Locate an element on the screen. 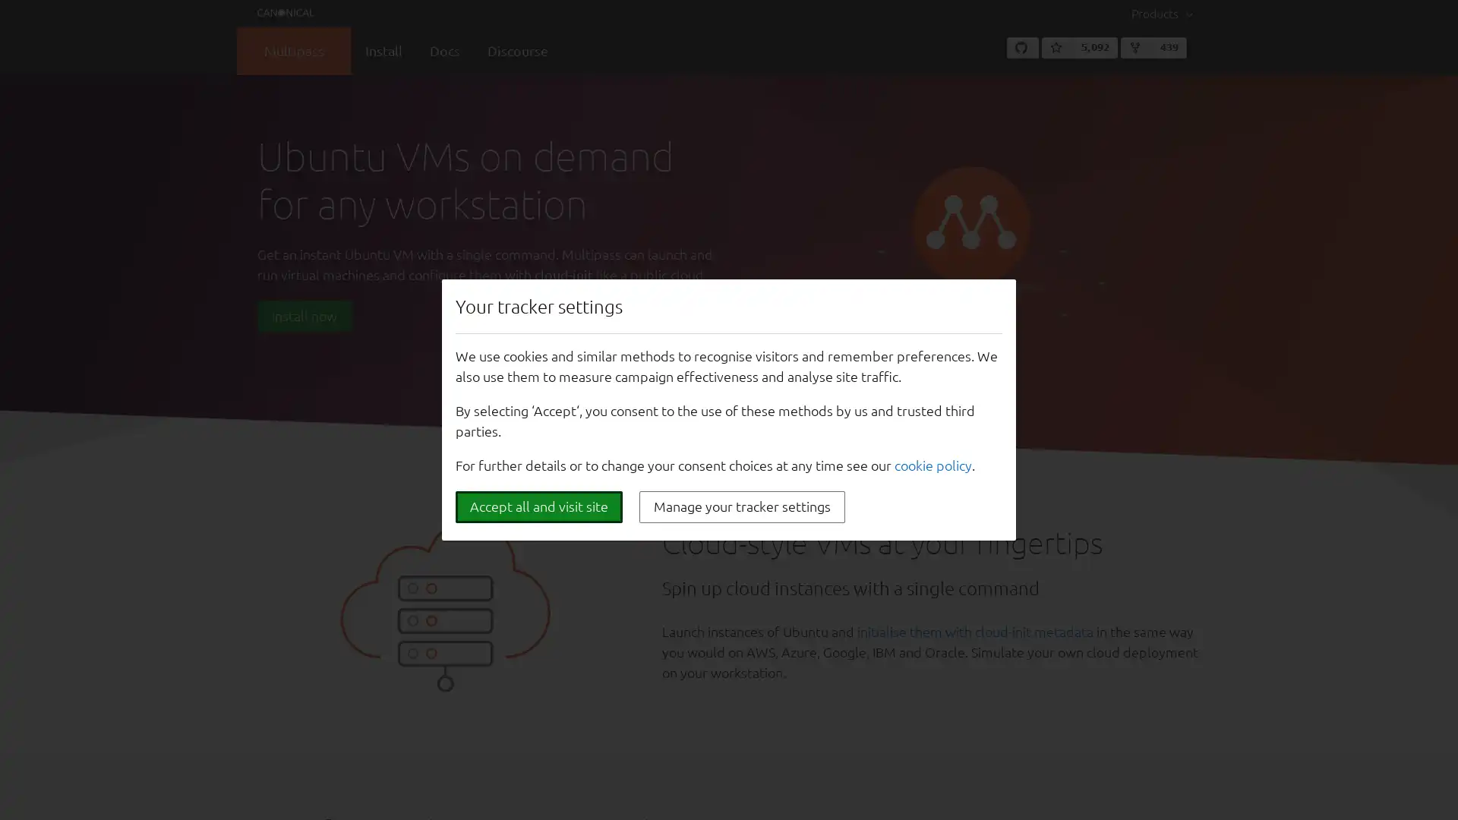  Accept all and visit site is located at coordinates (539, 506).